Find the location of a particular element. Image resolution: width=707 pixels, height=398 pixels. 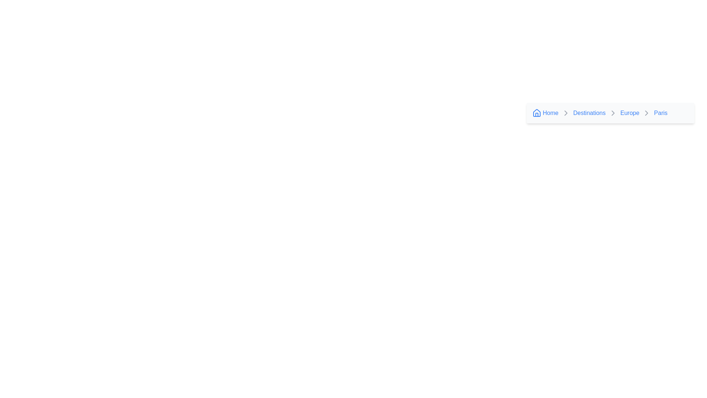

the house-shaped SVG icon located to the left of the breadcrumb navigation text is located at coordinates (537, 113).